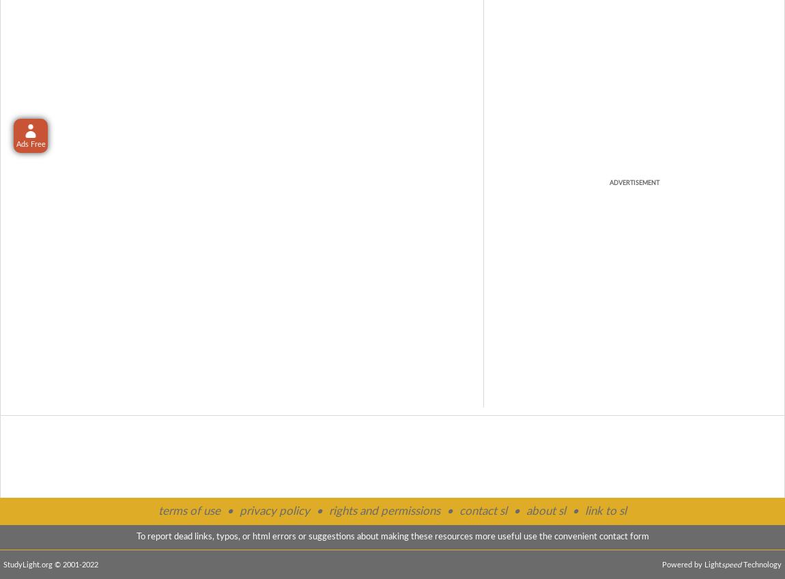 This screenshot has height=579, width=785. I want to click on 'Powered by Light', so click(691, 565).